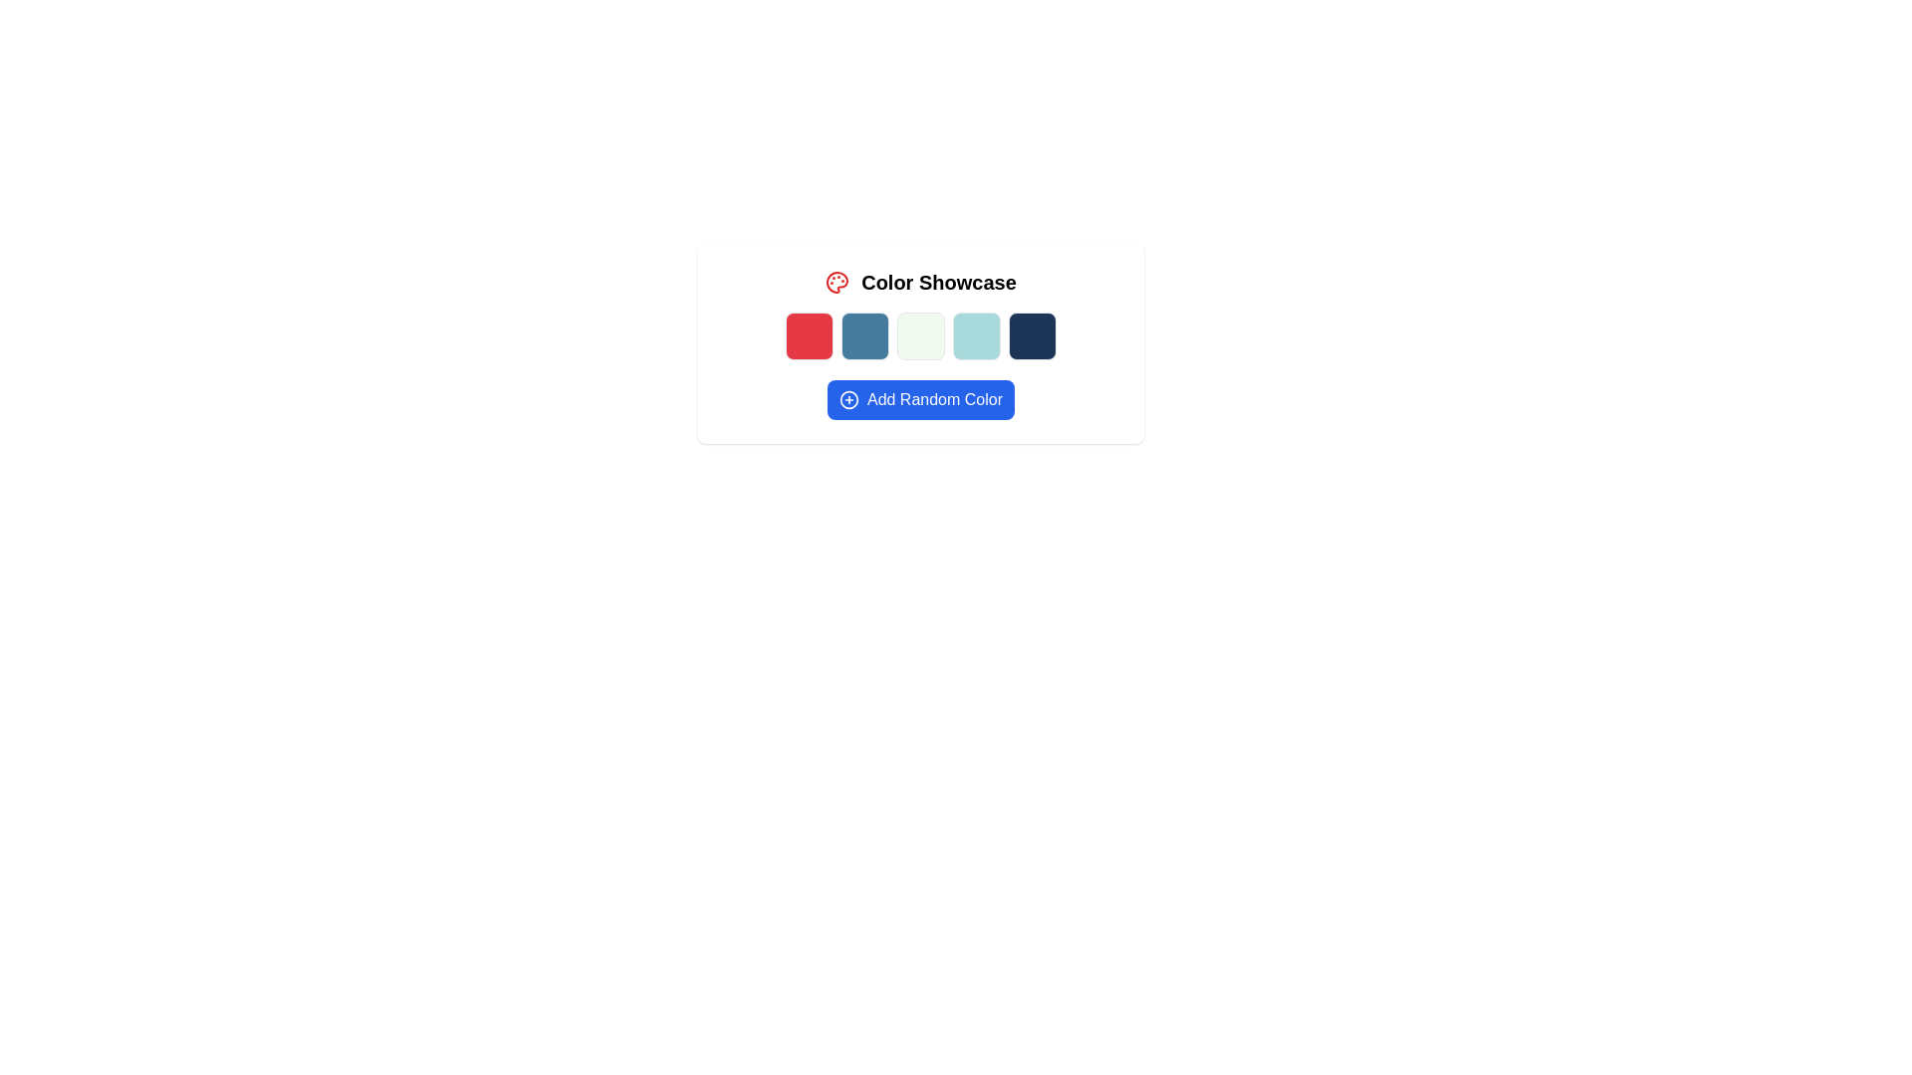 This screenshot has height=1075, width=1912. What do you see at coordinates (837, 283) in the screenshot?
I see `the red palette icon located to the left of the 'Color Showcase' text` at bounding box center [837, 283].